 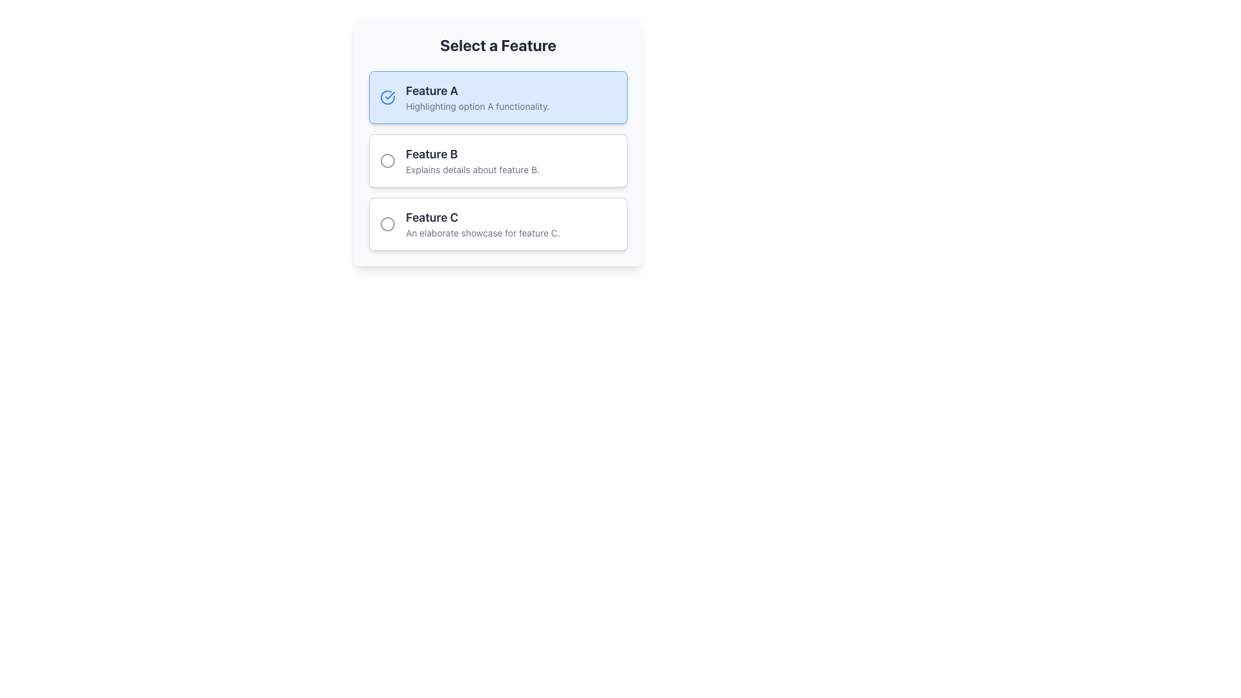 What do you see at coordinates (472, 169) in the screenshot?
I see `the descriptive text rendered in a smaller and lighter gray font located beneath the title 'Feature B' in the second selectable card to trigger any tooltip, if available` at bounding box center [472, 169].